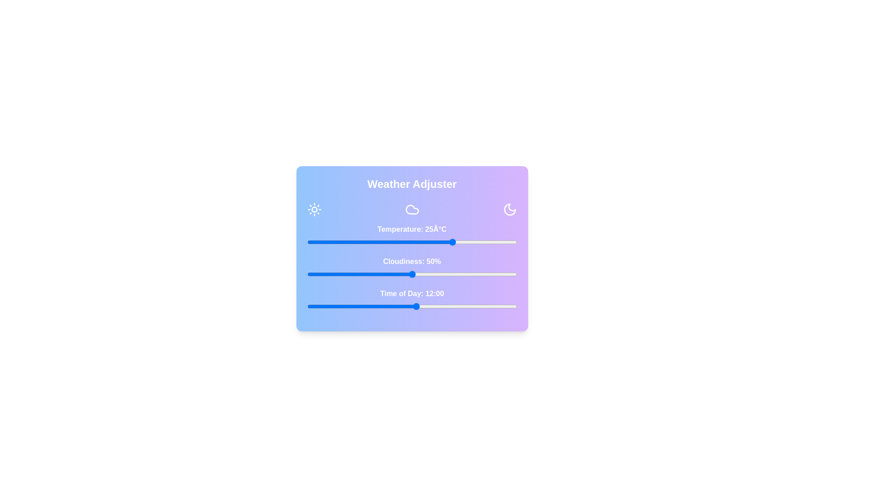 The image size is (869, 489). Describe the element at coordinates (456, 273) in the screenshot. I see `the cloudiness percentage` at that location.